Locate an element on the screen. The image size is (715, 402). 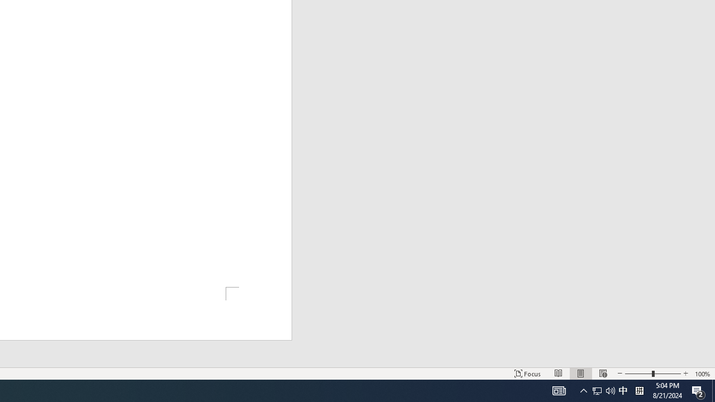
'Web Layout' is located at coordinates (602, 374).